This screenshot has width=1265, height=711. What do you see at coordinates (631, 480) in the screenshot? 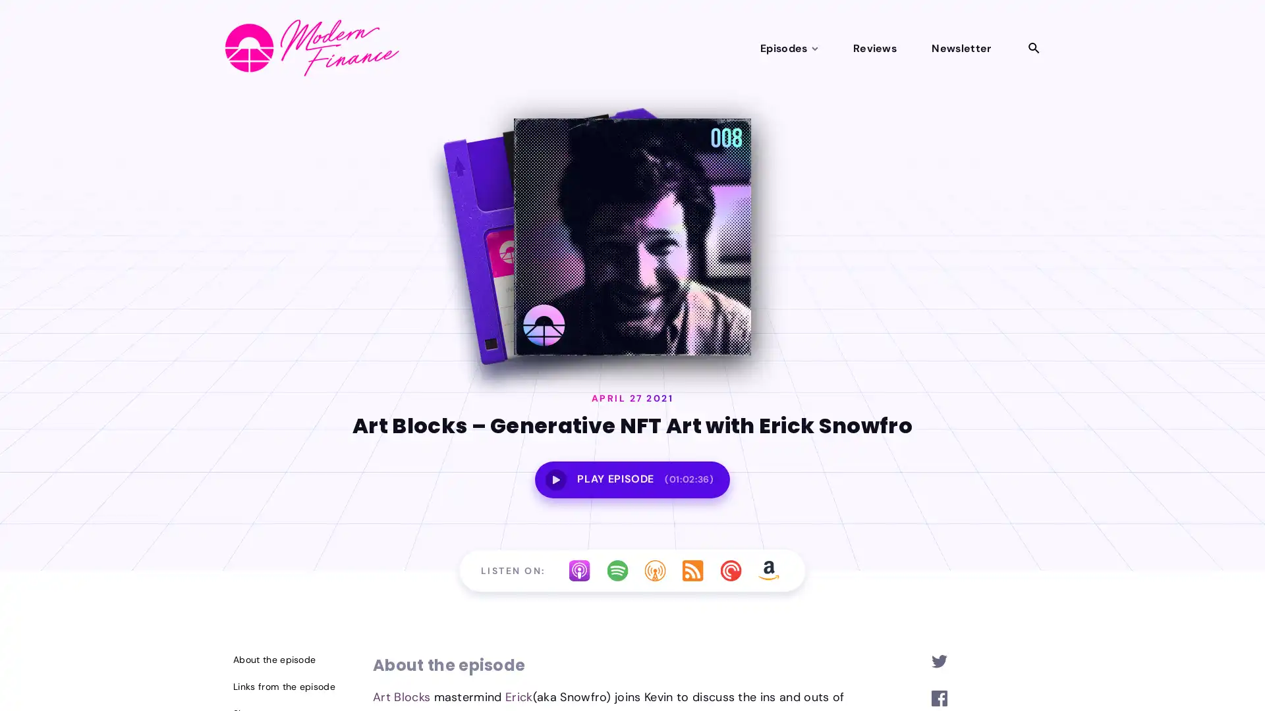
I see `PLAY EPISODE(01:02:36)` at bounding box center [631, 480].